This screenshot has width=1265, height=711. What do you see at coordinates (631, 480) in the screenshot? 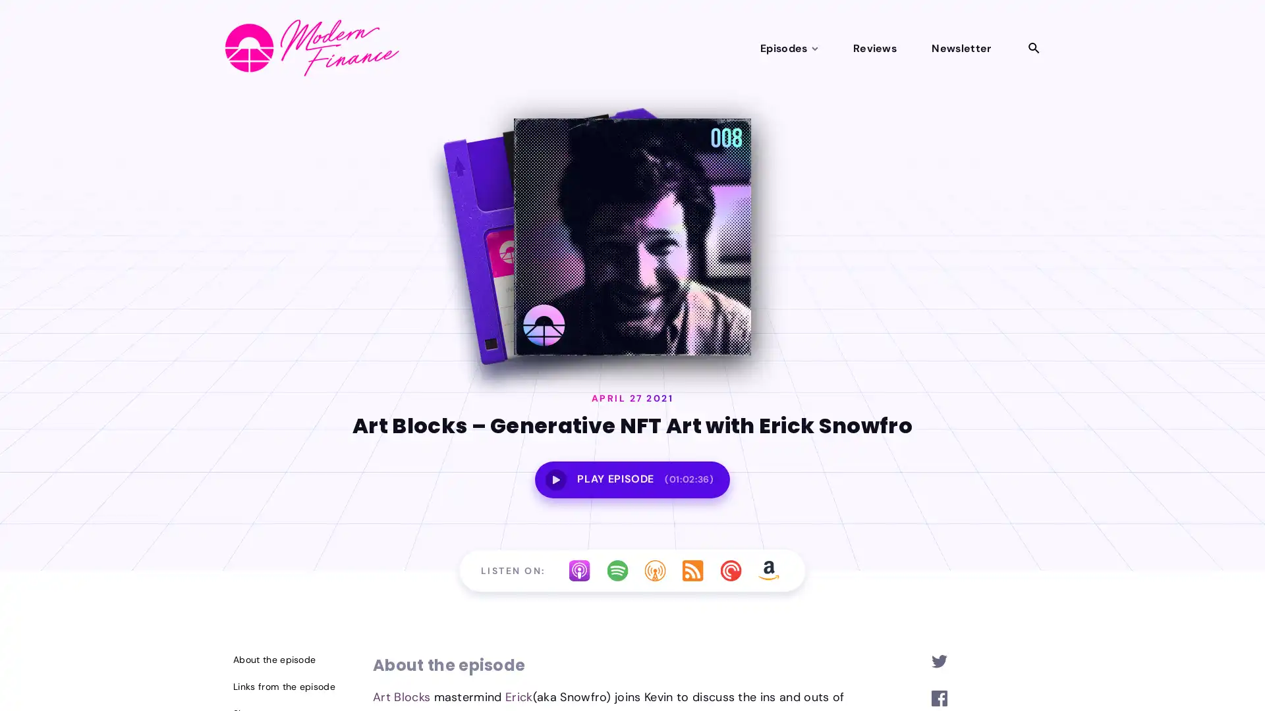
I see `PLAY EPISODE(01:02:36)` at bounding box center [631, 480].